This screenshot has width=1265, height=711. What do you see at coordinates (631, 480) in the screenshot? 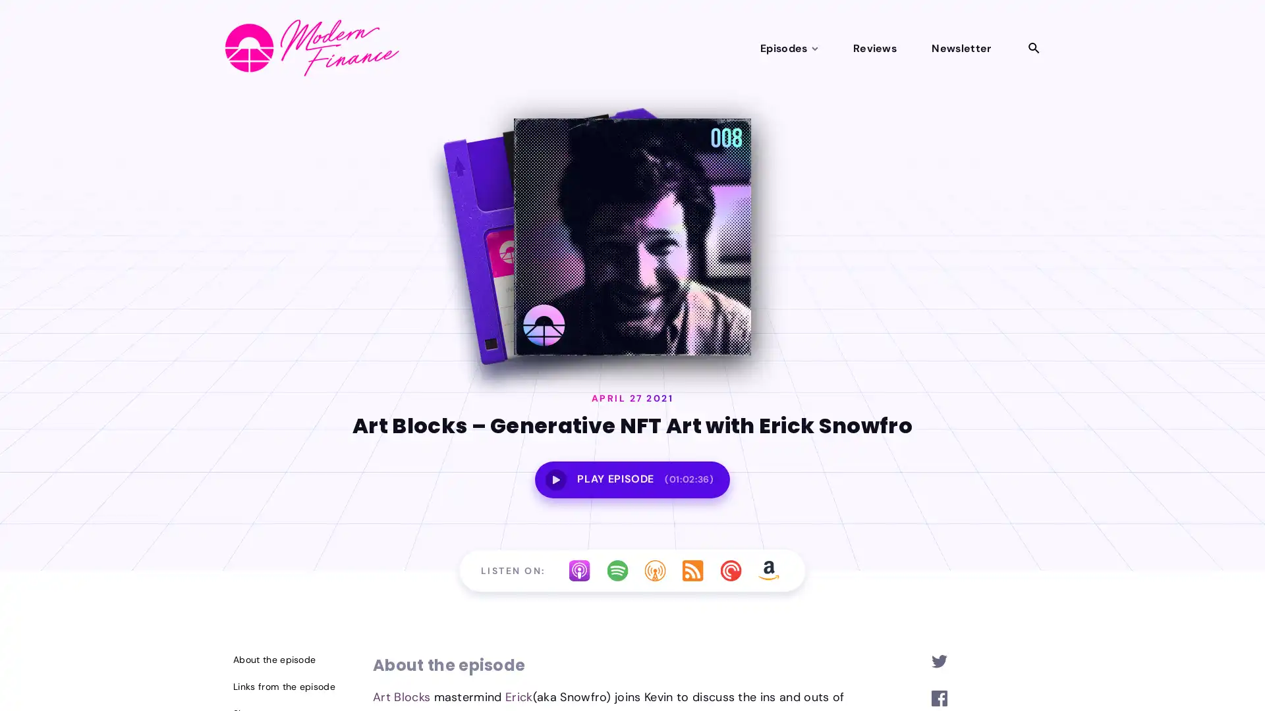
I see `PLAY EPISODE(01:02:36)` at bounding box center [631, 480].